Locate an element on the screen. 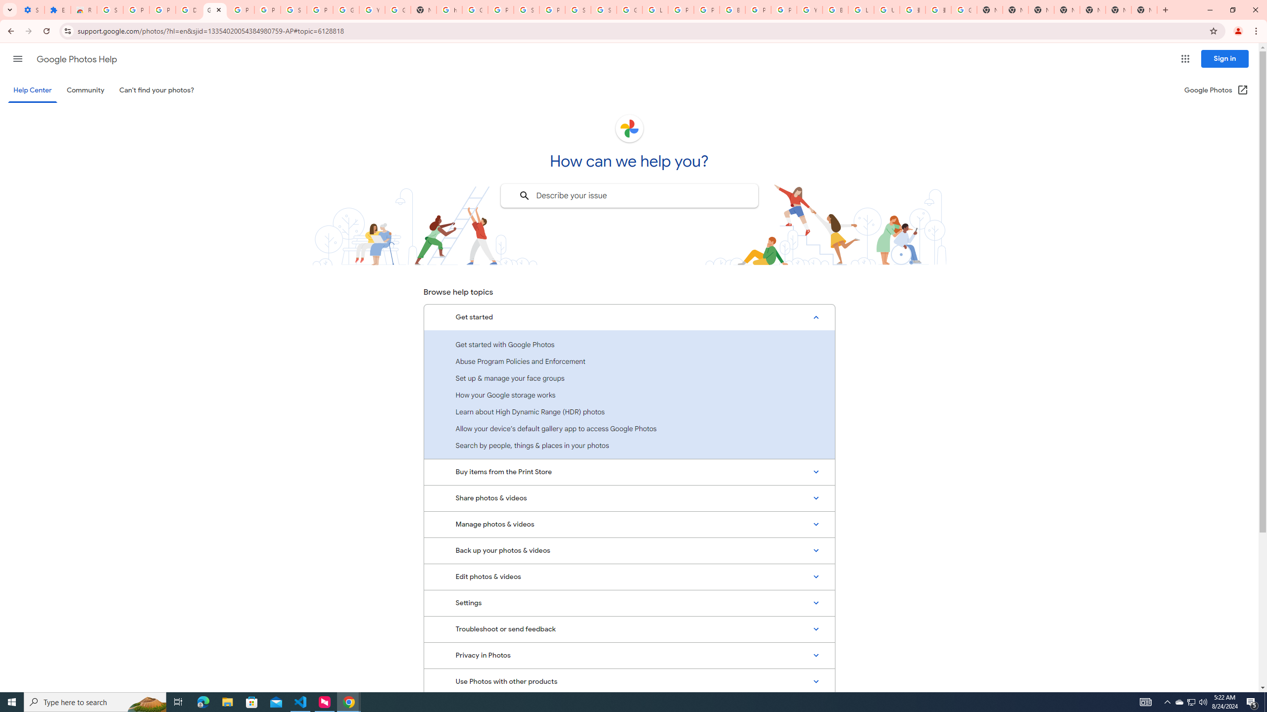  'Get started, Expanded list with 7 items' is located at coordinates (629, 317).